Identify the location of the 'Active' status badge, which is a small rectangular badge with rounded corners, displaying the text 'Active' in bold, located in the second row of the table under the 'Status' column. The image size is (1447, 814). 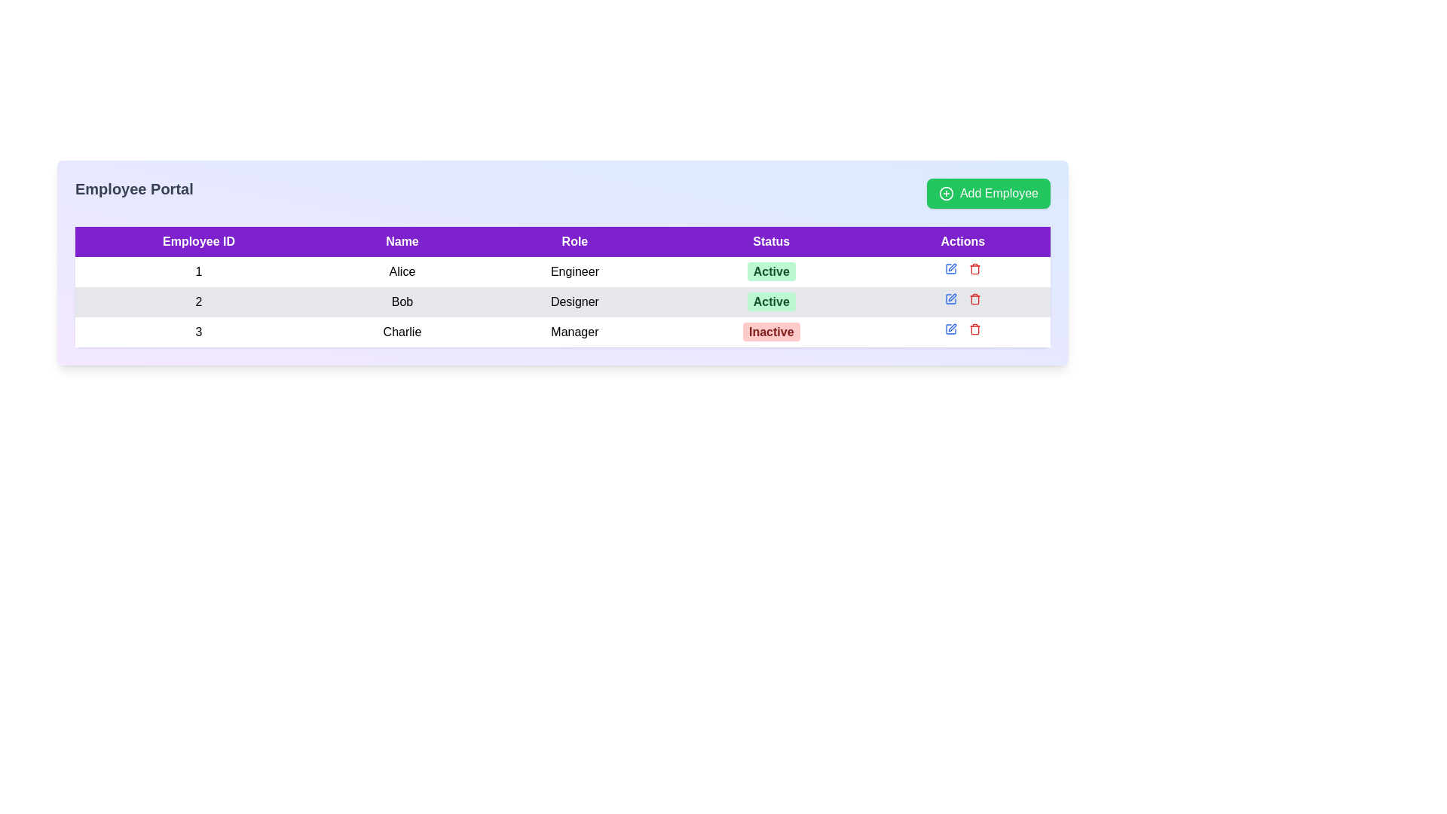
(771, 301).